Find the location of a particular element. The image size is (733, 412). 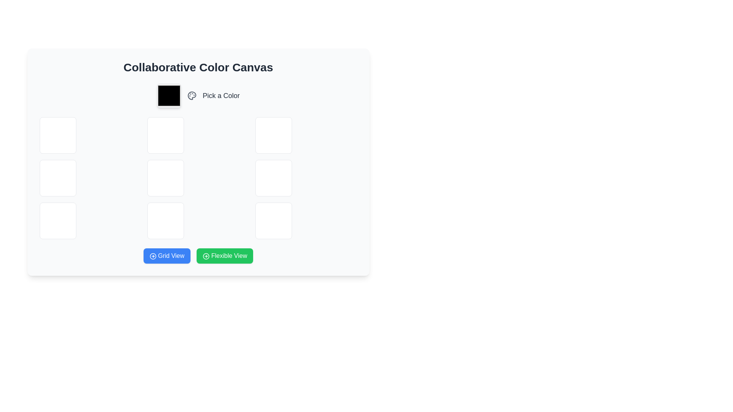

the middle square grid item, which is a white box with rounded corners located in the first row of a 3x3 grid is located at coordinates (165, 135).